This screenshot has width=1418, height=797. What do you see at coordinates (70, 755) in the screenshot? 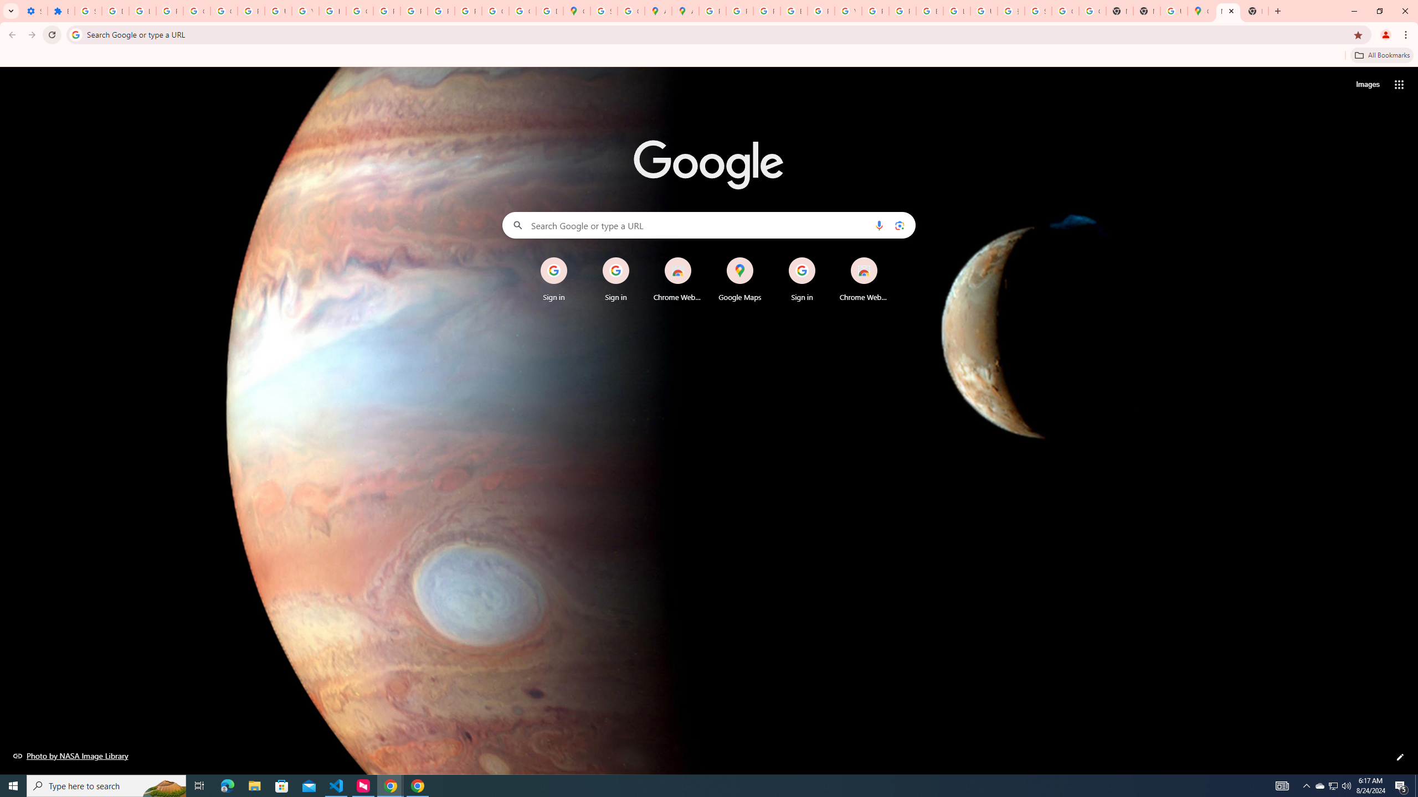
I see `'Photo by NASA Image Library'` at bounding box center [70, 755].